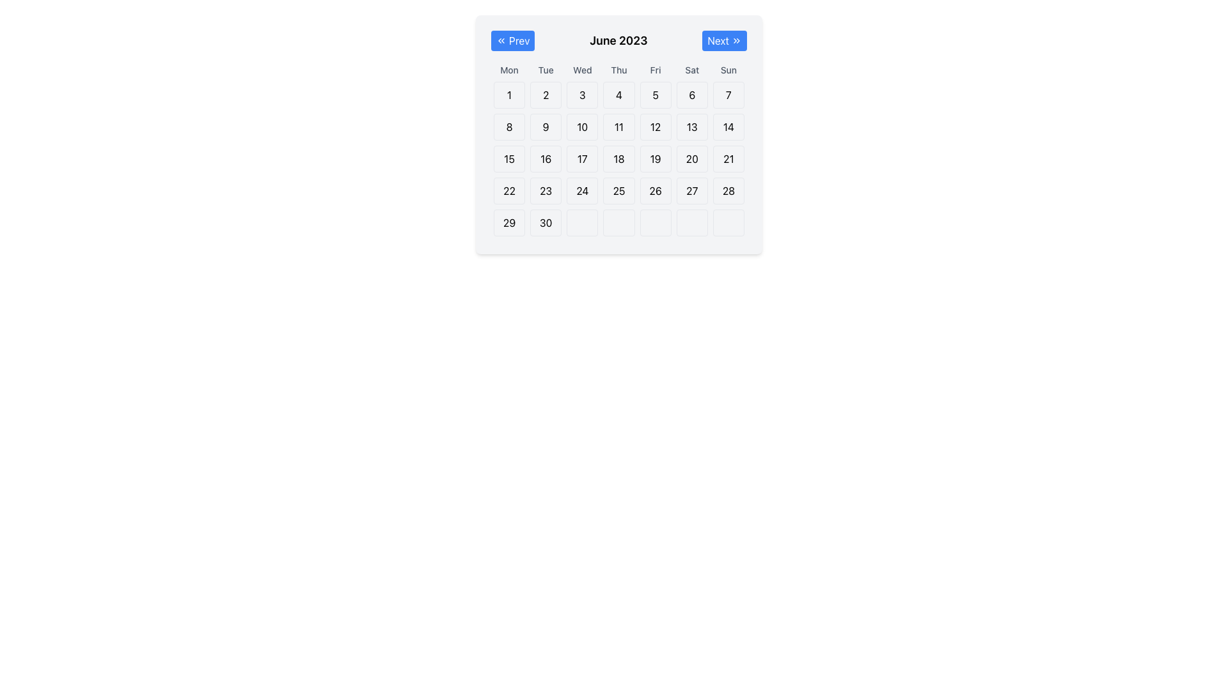 This screenshot has width=1228, height=690. Describe the element at coordinates (546, 95) in the screenshot. I see `the second button in the calendar representing the second day of the month` at that location.